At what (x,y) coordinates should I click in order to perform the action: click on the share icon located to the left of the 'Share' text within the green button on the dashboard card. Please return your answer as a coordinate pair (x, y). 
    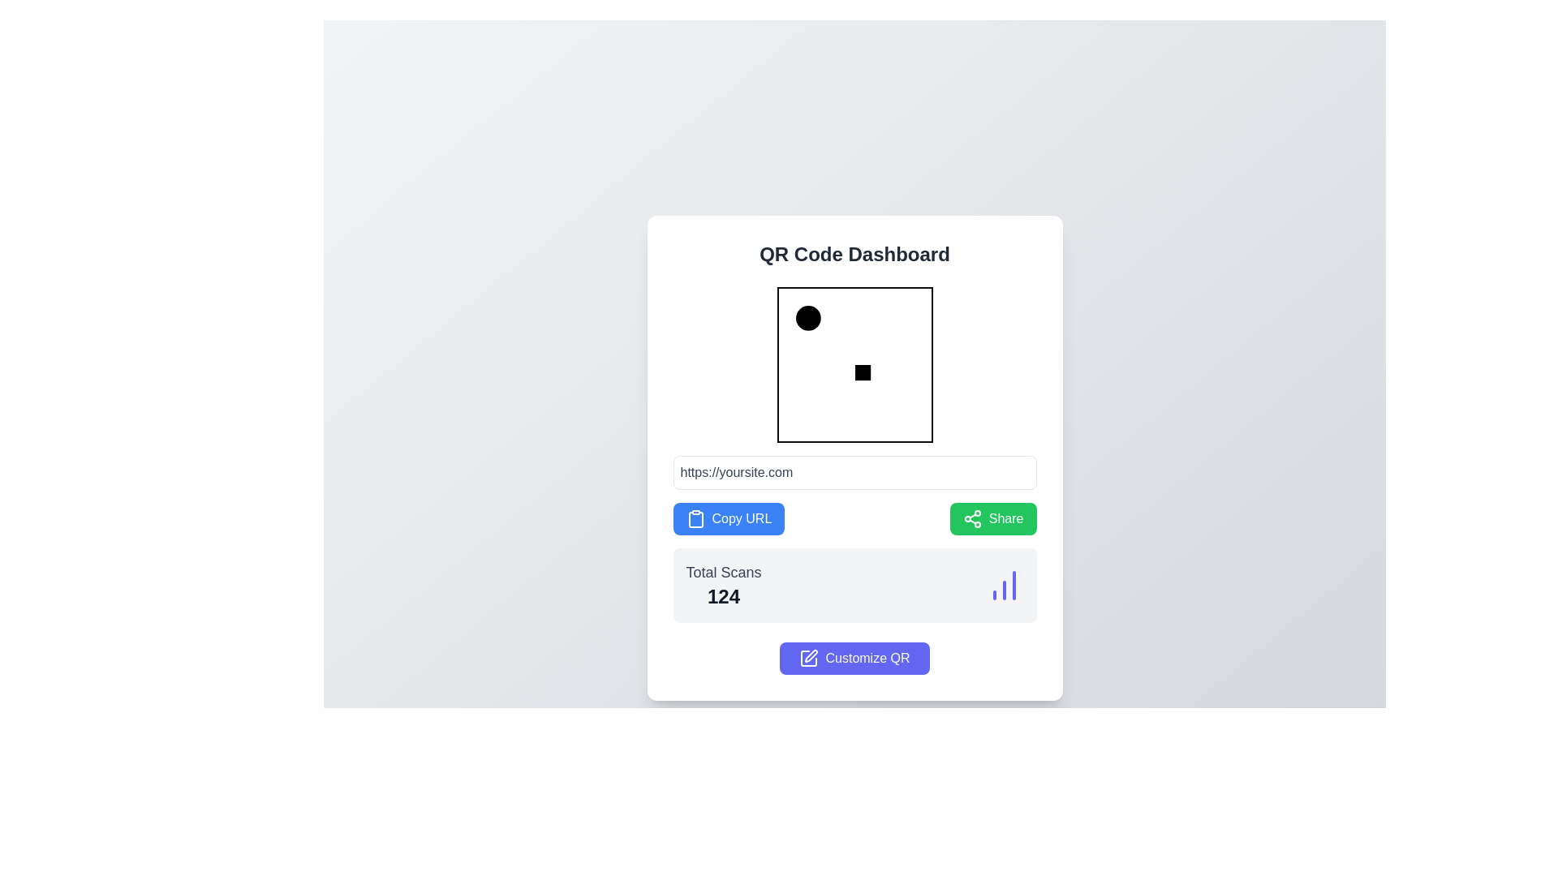
    Looking at the image, I should click on (972, 519).